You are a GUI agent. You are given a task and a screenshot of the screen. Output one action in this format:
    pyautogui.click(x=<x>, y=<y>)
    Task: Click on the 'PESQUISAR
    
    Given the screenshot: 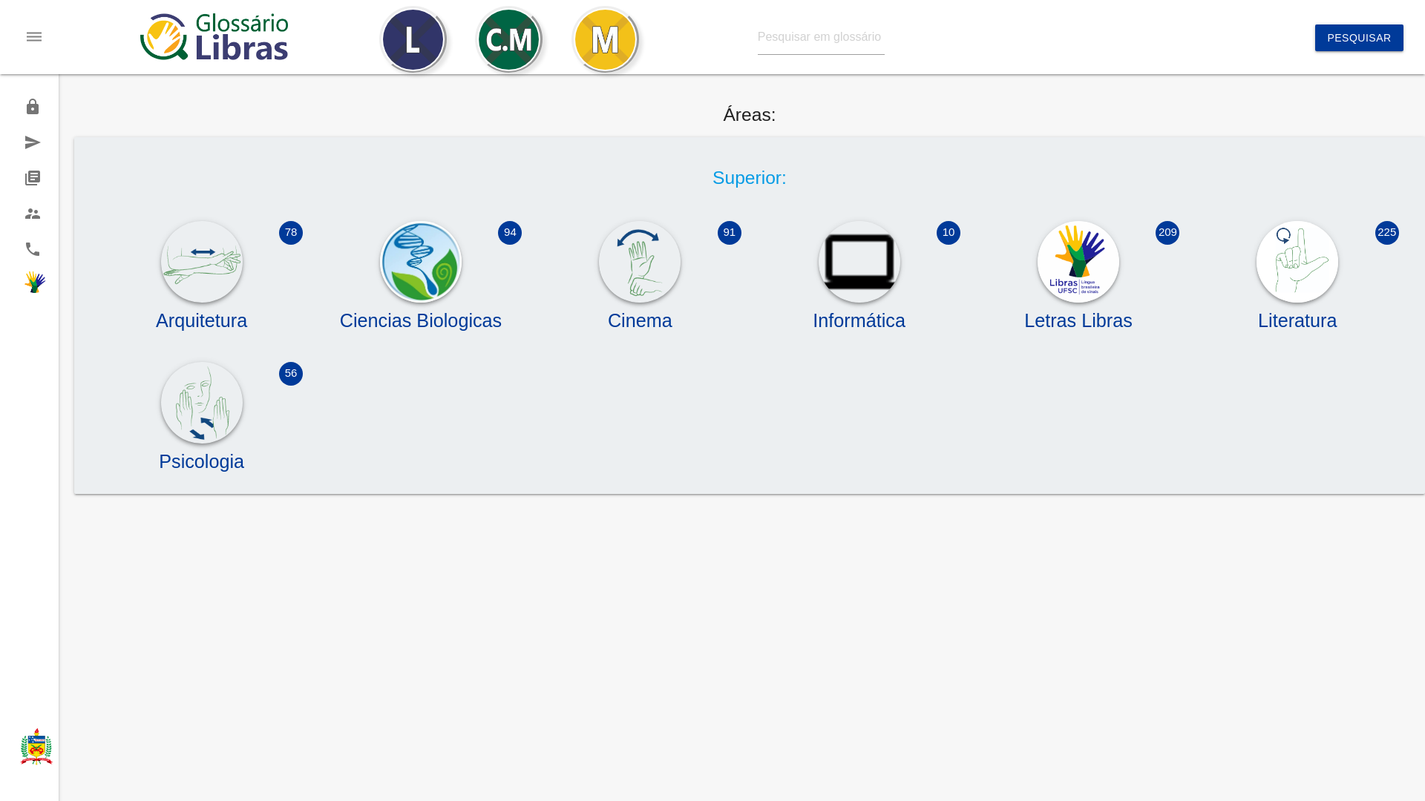 What is the action you would take?
    pyautogui.click(x=1358, y=36)
    